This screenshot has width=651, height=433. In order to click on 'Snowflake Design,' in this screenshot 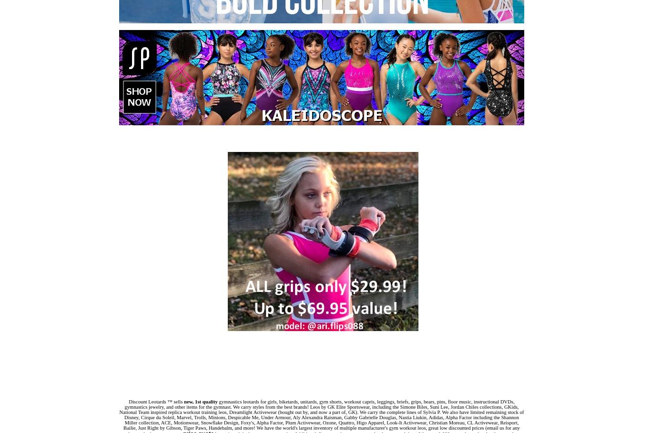, I will do `click(220, 423)`.